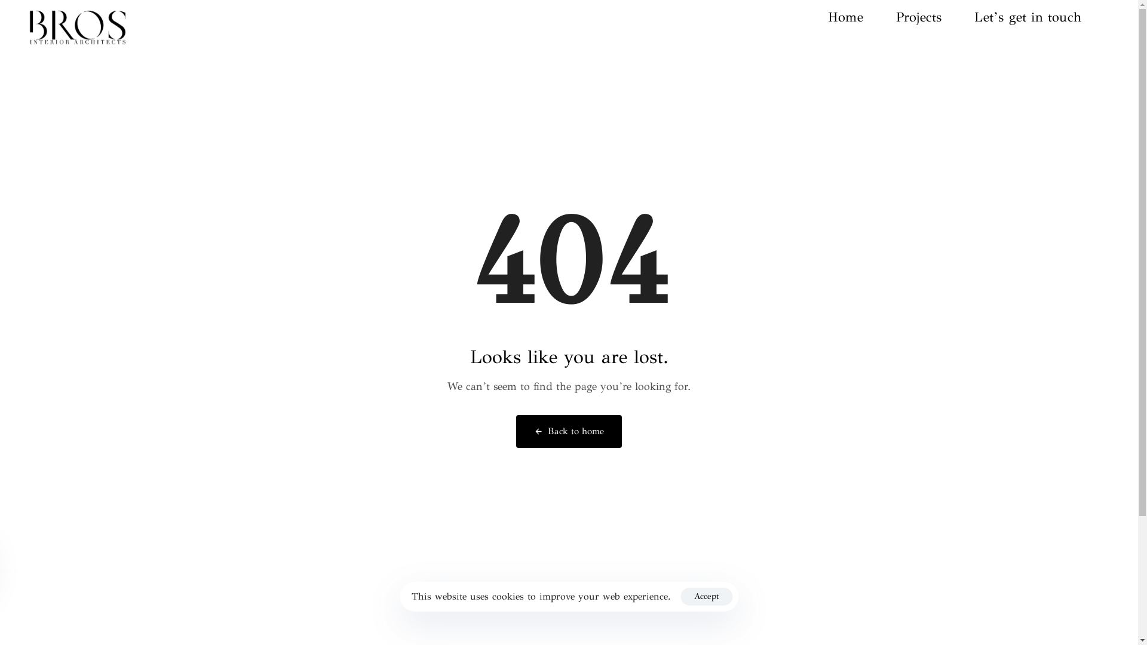 This screenshot has width=1147, height=645. What do you see at coordinates (568, 431) in the screenshot?
I see `'Back to home'` at bounding box center [568, 431].